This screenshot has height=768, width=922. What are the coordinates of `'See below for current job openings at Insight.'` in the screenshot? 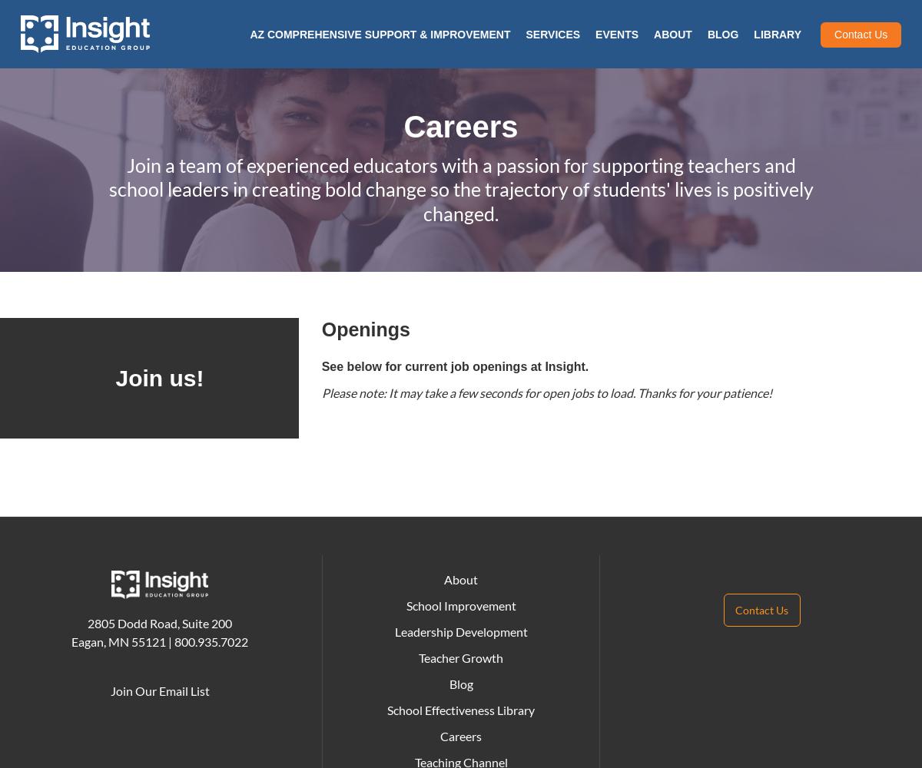 It's located at (456, 366).